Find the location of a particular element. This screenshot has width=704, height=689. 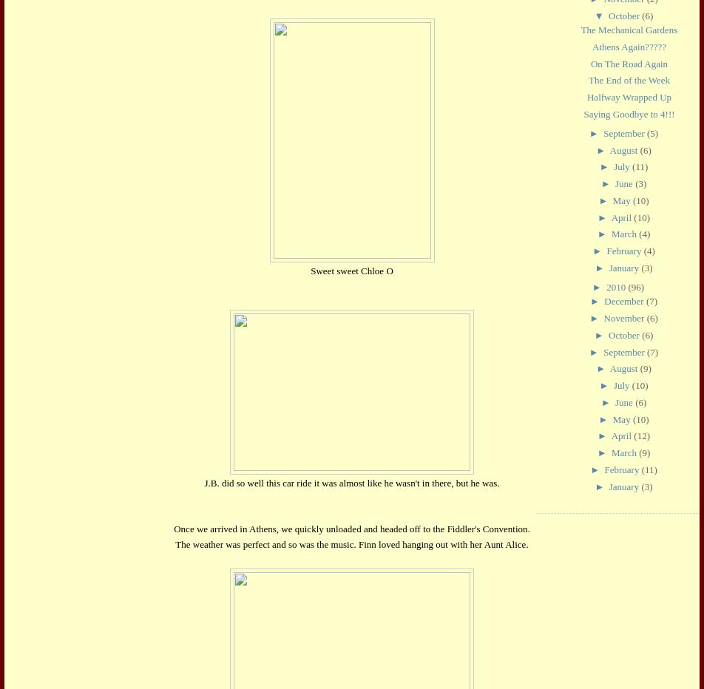

'On The Road Again' is located at coordinates (629, 63).